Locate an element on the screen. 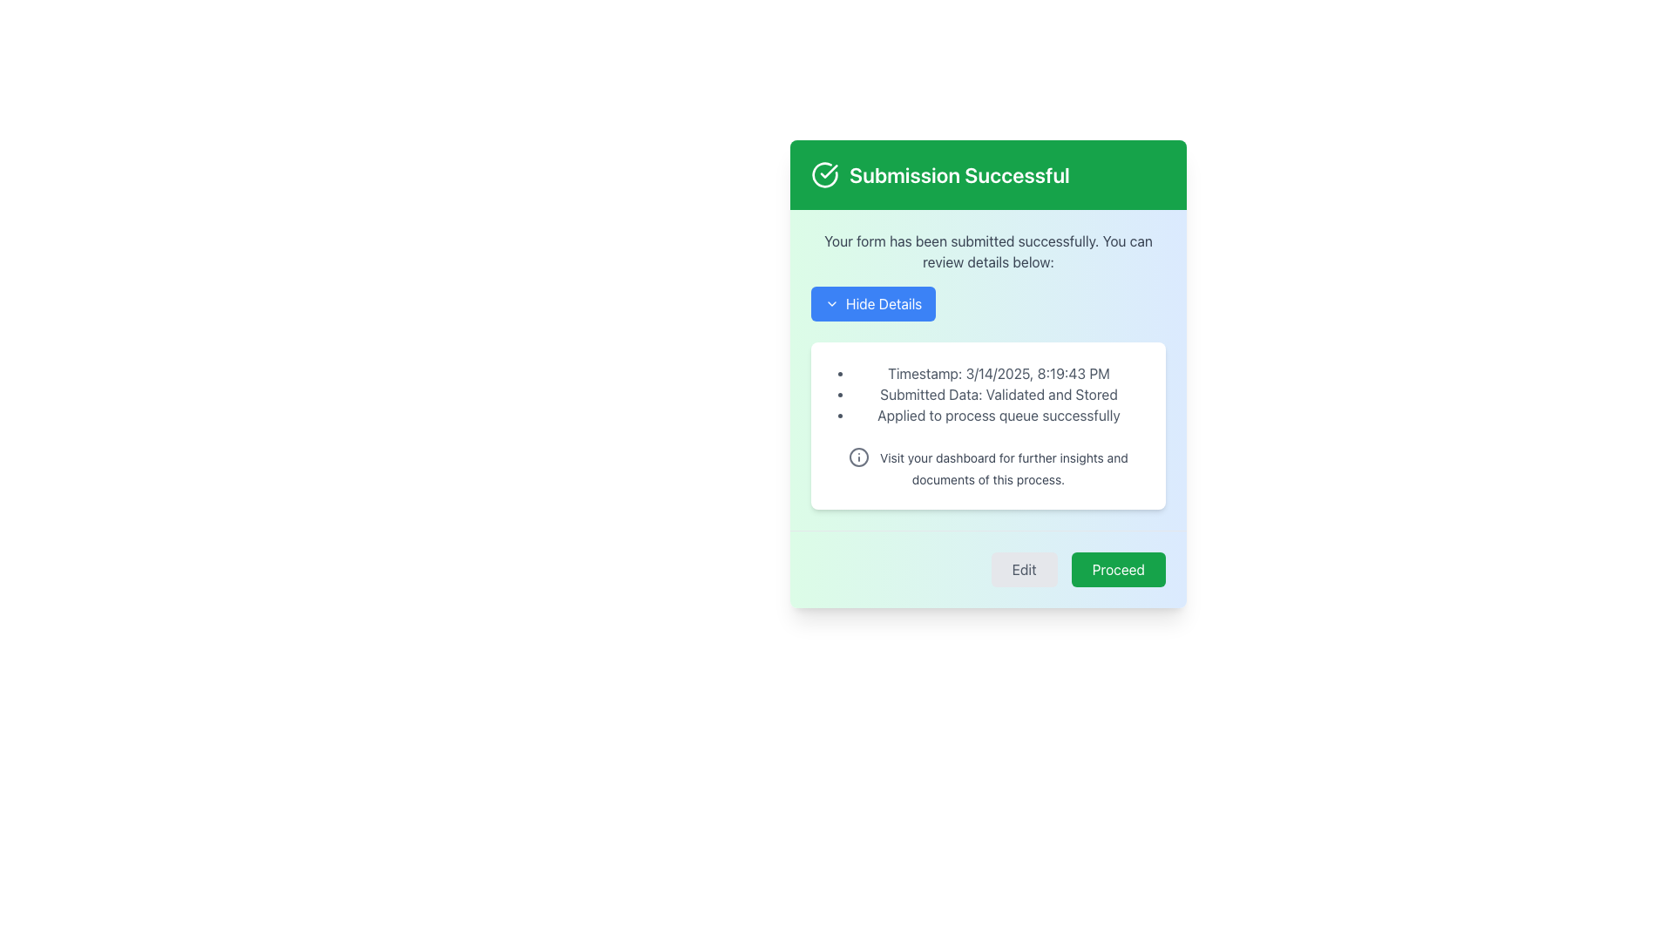 The image size is (1673, 941). the rectangular blue button labeled 'Hide Details' with a downward chevron icon is located at coordinates (873, 302).